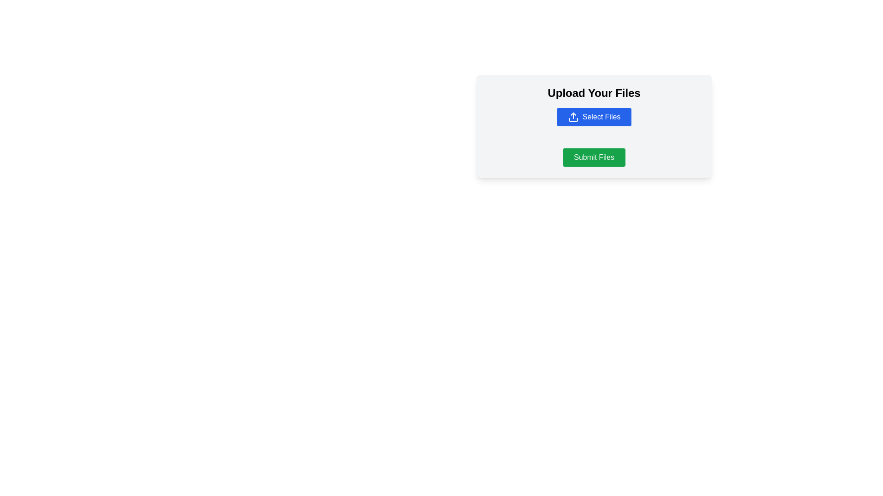  Describe the element at coordinates (594, 157) in the screenshot. I see `the green 'Submit Files' button` at that location.